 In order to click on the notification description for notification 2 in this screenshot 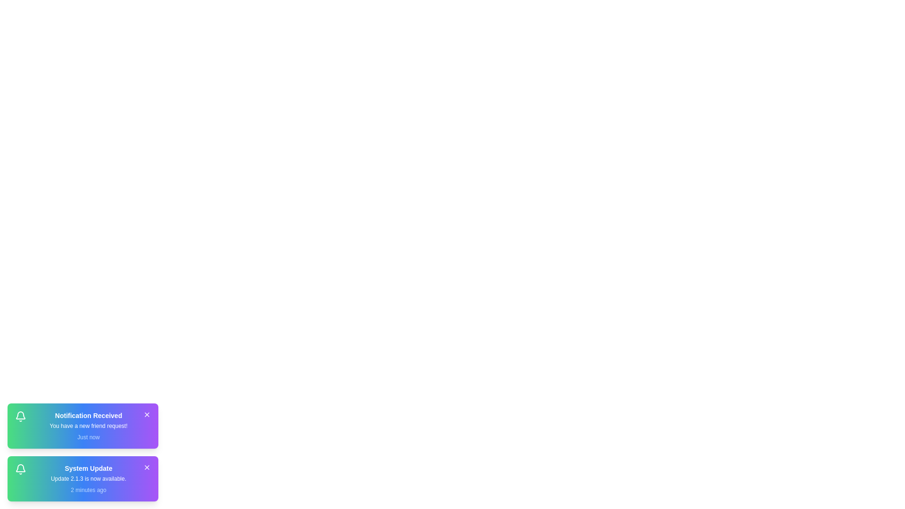, I will do `click(88, 478)`.